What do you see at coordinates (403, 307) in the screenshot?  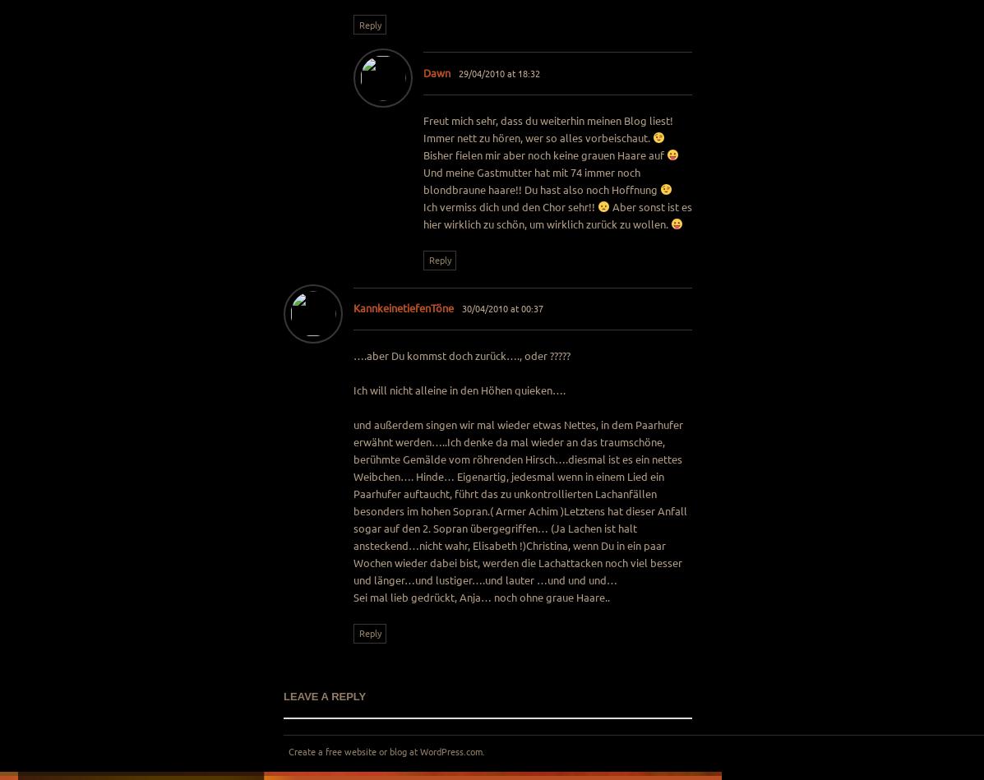 I see `'KannkeinetiefenTöne'` at bounding box center [403, 307].